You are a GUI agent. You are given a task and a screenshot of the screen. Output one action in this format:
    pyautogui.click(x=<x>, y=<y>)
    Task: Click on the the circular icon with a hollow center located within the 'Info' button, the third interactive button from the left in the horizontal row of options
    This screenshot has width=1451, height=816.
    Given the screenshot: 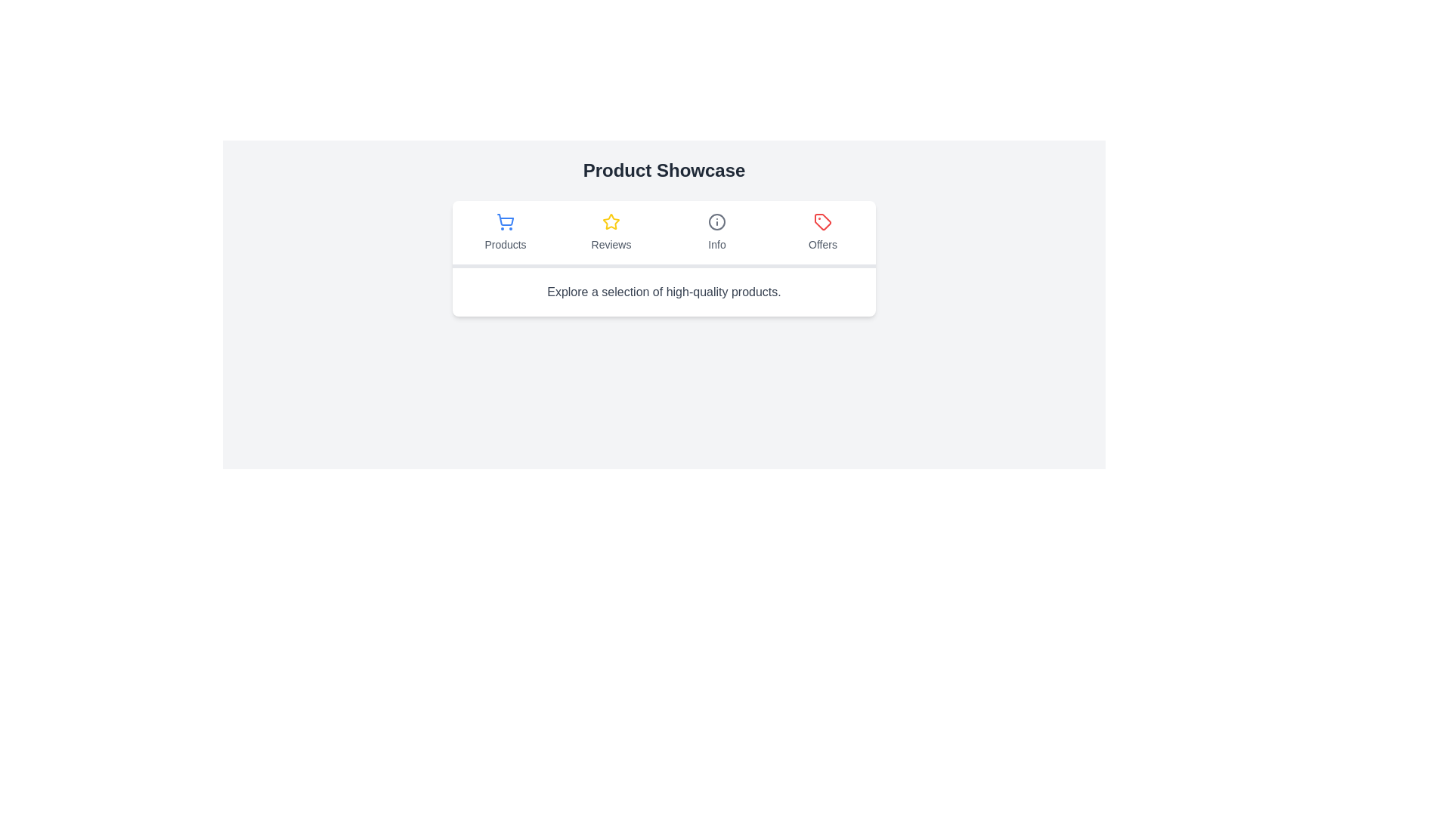 What is the action you would take?
    pyautogui.click(x=716, y=221)
    